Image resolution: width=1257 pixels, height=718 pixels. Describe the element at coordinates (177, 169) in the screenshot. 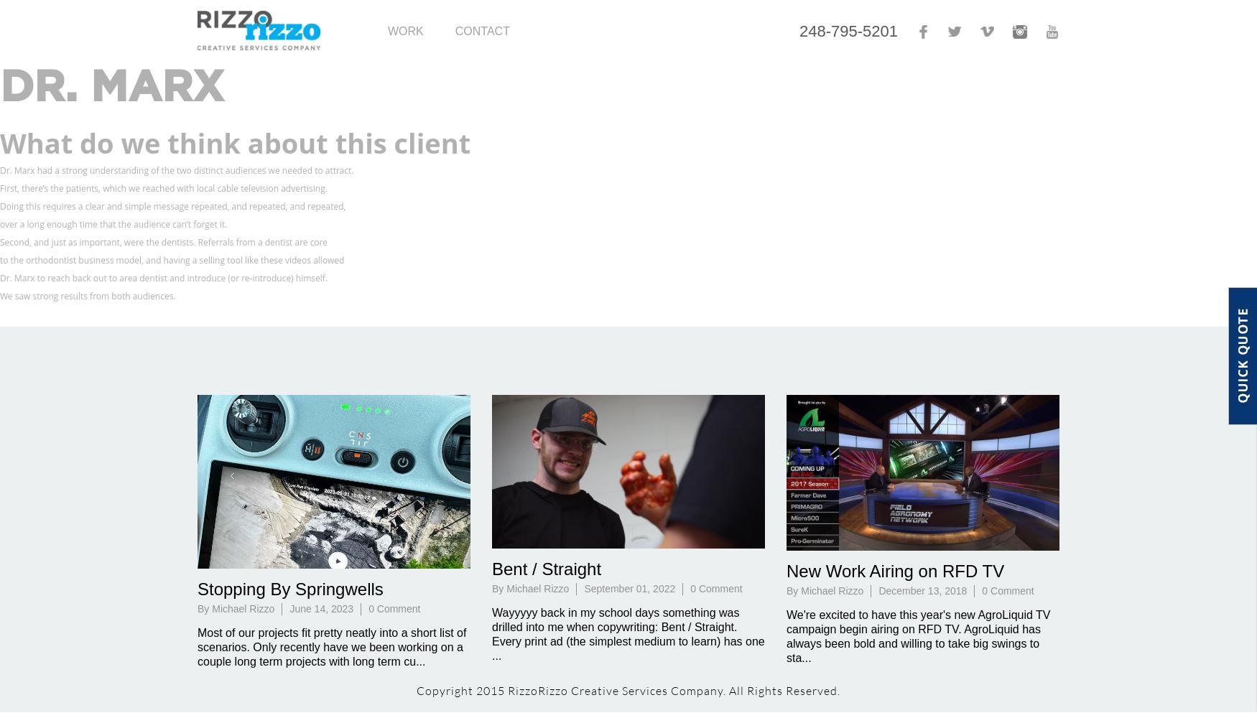

I see `'Dr. Marx had a strong understanding of the two distinct audiences we needed to attract.'` at that location.